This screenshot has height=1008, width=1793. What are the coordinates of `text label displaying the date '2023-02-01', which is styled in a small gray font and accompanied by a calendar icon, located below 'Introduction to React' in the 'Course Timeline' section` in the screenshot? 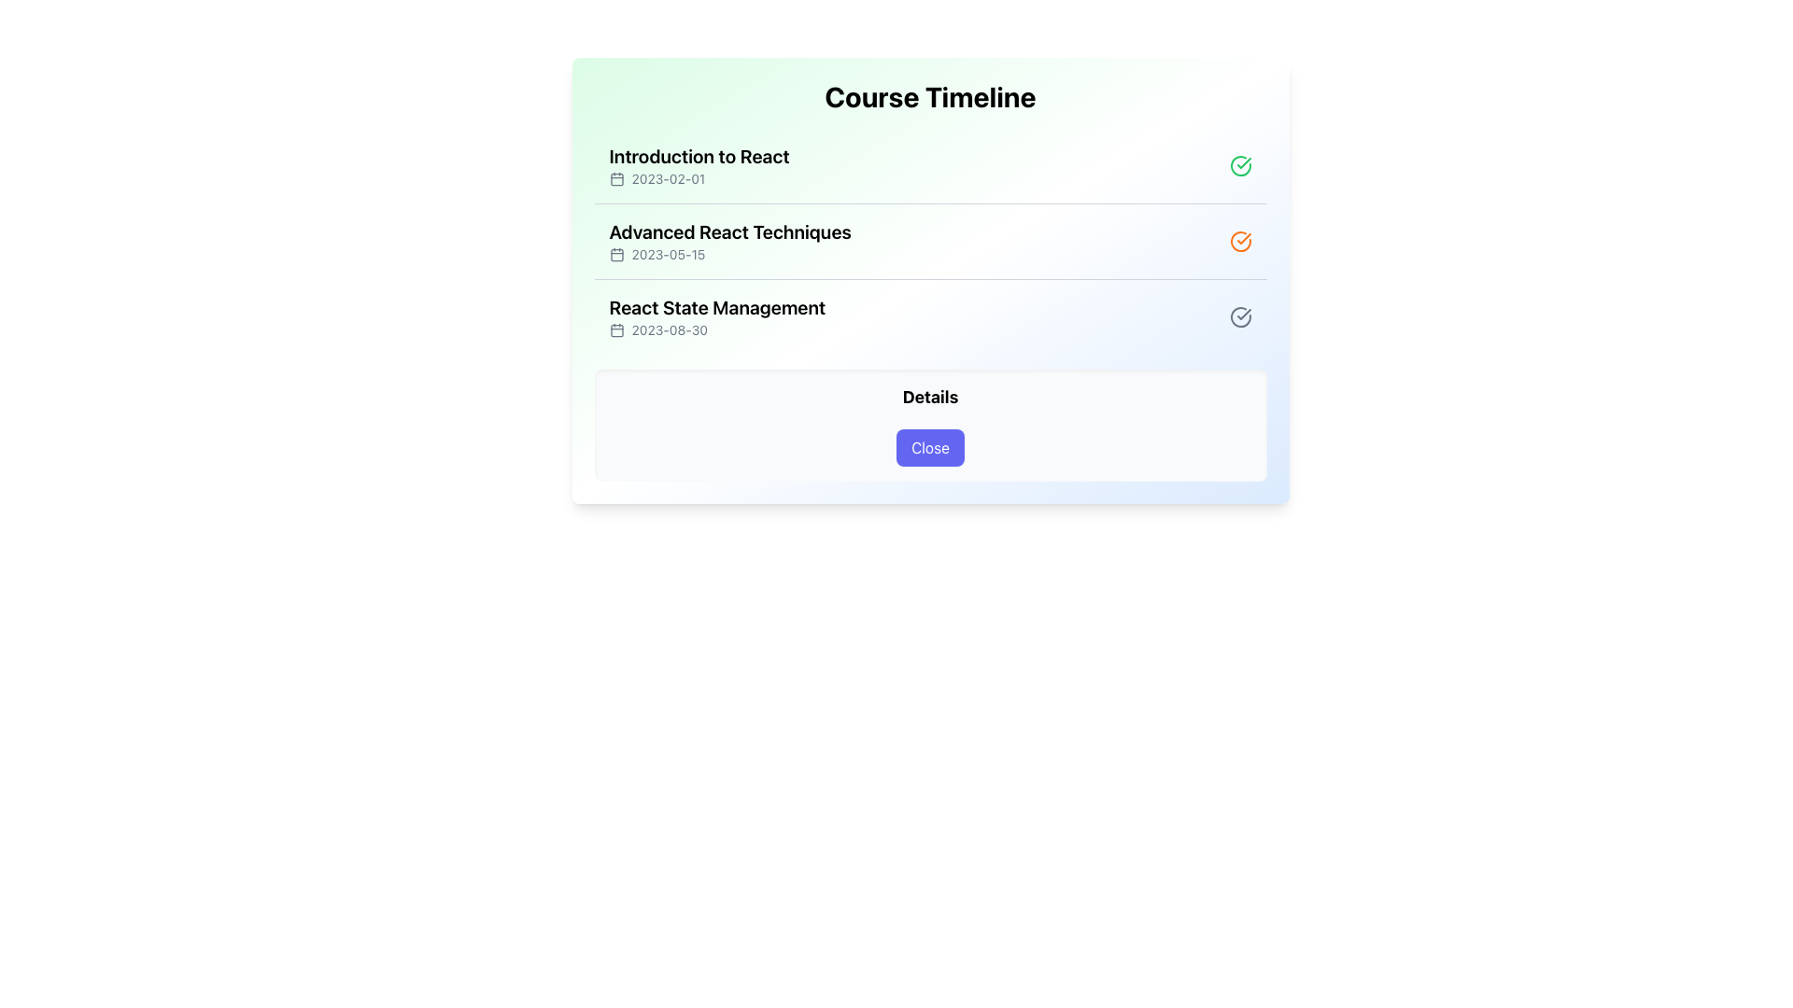 It's located at (698, 179).